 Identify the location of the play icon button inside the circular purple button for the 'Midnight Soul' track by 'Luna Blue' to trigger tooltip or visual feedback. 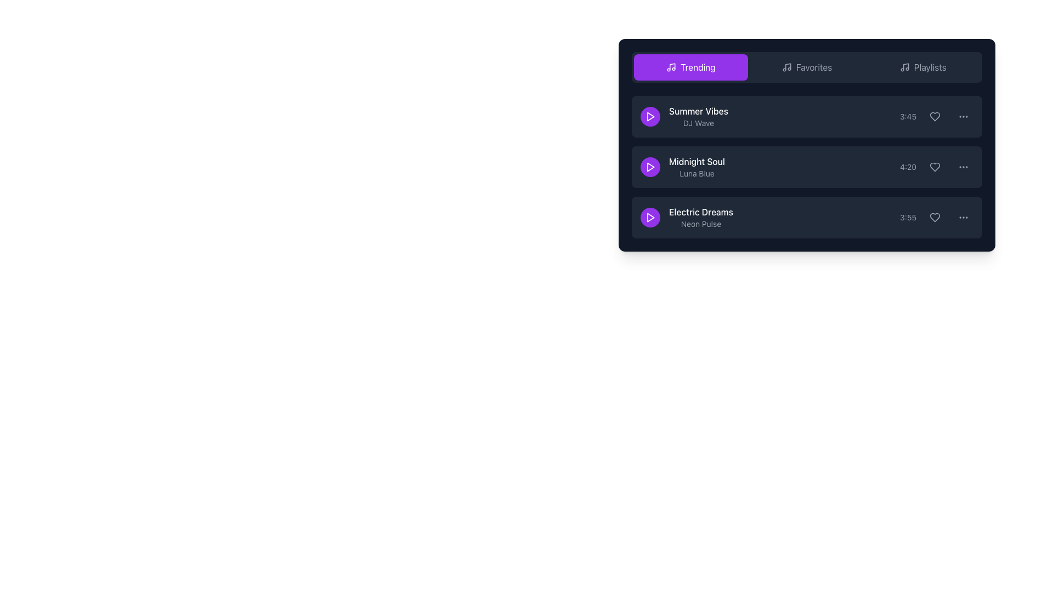
(650, 167).